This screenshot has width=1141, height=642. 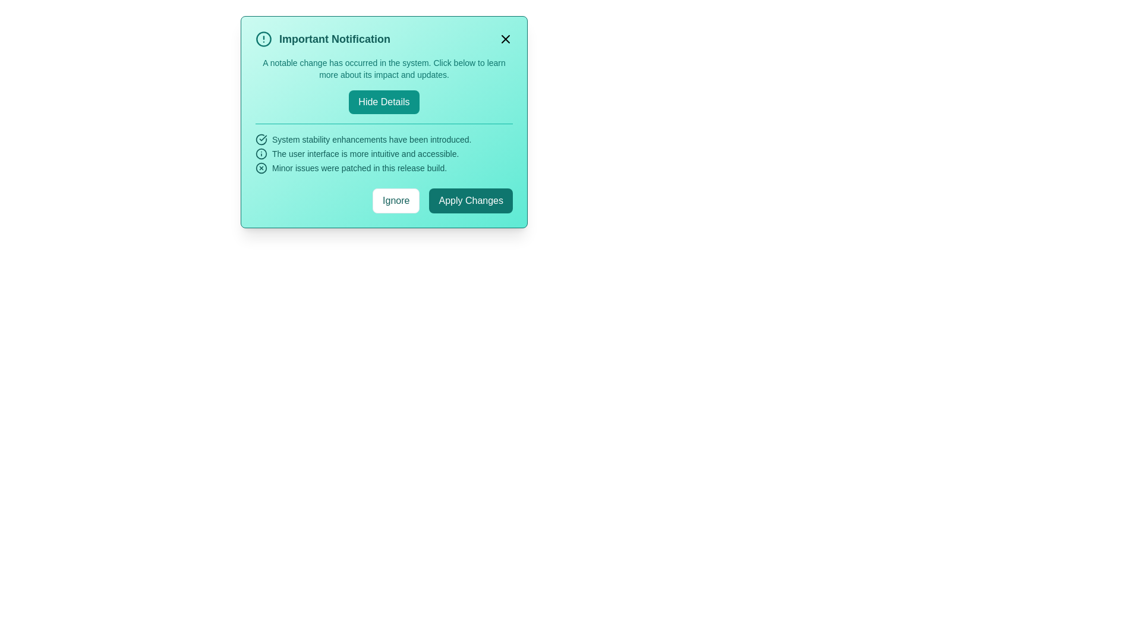 I want to click on the Text label that conveys a headline or summary about the notification's purpose, located in the top-left of the notification panel, to the right of an alert icon, so click(x=334, y=38).